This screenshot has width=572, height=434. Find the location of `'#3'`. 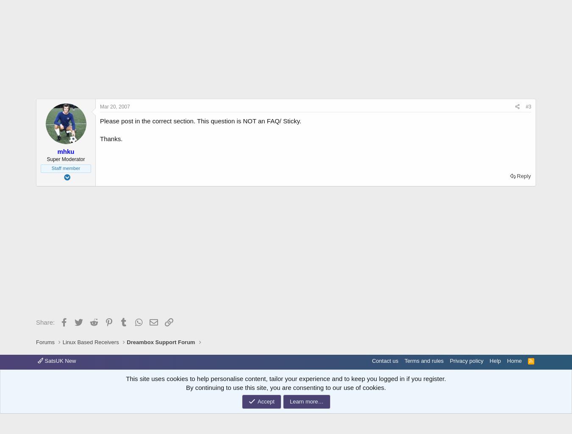

'#3' is located at coordinates (528, 106).